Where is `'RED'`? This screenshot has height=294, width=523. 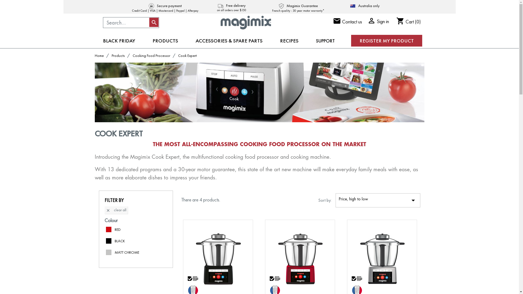 'RED' is located at coordinates (117, 229).